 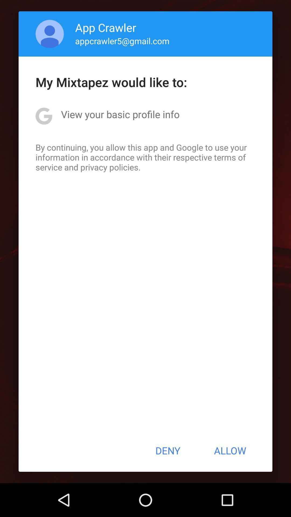 I want to click on the appcrawler5@gmail.com app, so click(x=122, y=40).